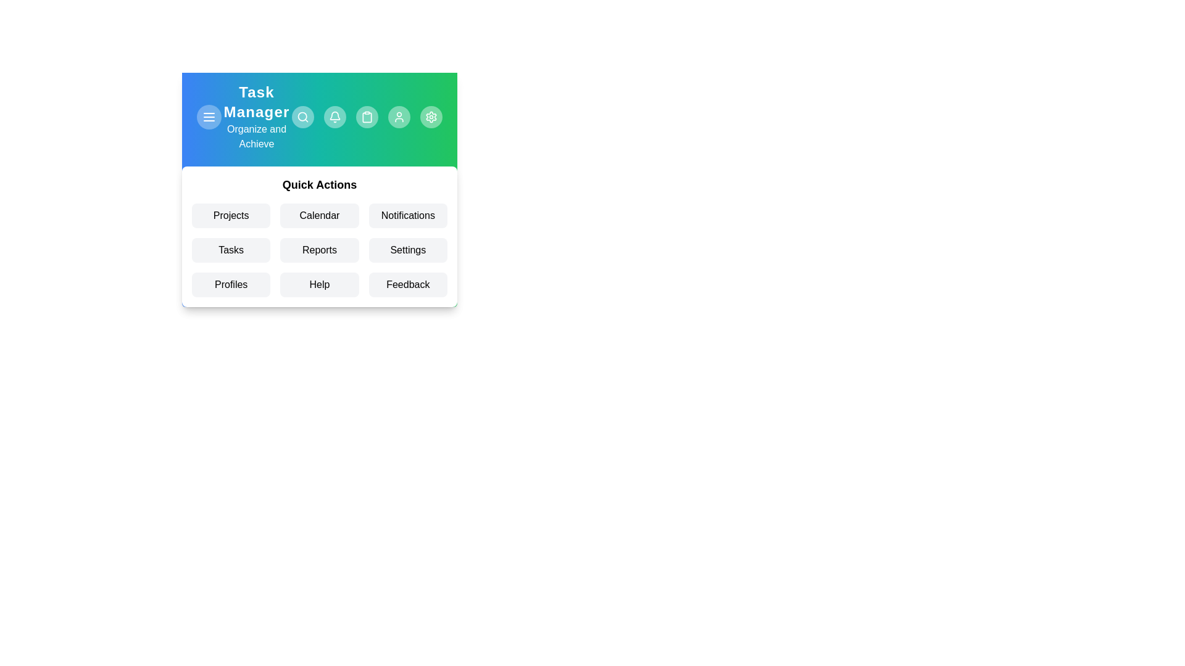 The height and width of the screenshot is (666, 1185). I want to click on the app bar button labeled Settings, so click(431, 117).